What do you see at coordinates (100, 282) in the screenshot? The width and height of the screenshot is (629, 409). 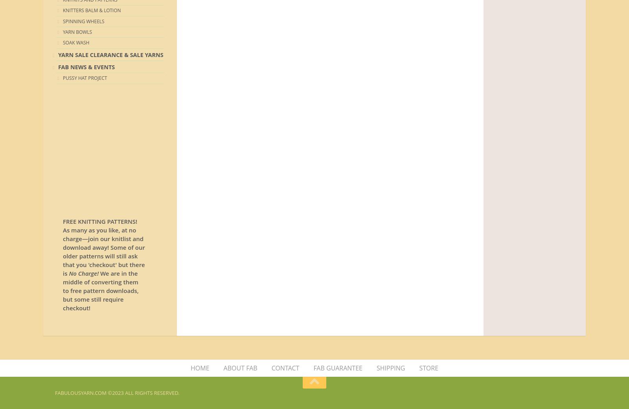 I see `'We are in the middle of converting them to'` at bounding box center [100, 282].